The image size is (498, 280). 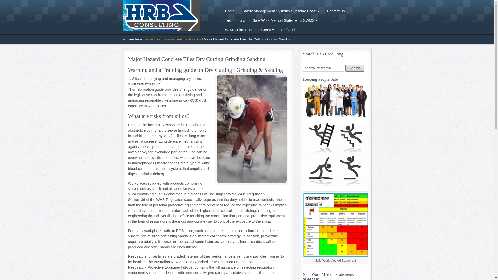 What do you see at coordinates (322, 11) in the screenshot?
I see `'Contact Us'` at bounding box center [322, 11].